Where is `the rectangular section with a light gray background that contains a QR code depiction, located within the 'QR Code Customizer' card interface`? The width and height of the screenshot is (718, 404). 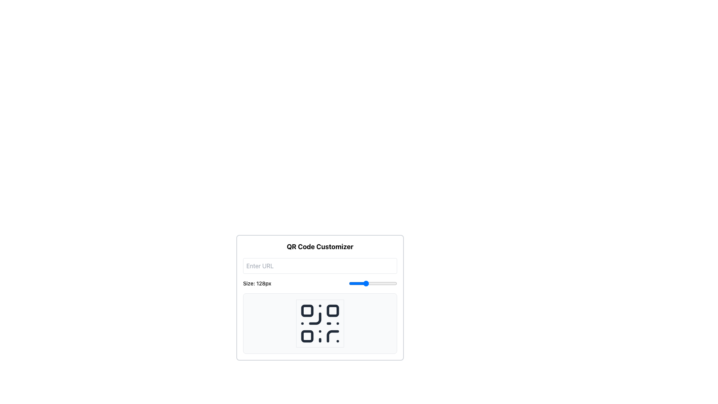 the rectangular section with a light gray background that contains a QR code depiction, located within the 'QR Code Customizer' card interface is located at coordinates (320, 323).